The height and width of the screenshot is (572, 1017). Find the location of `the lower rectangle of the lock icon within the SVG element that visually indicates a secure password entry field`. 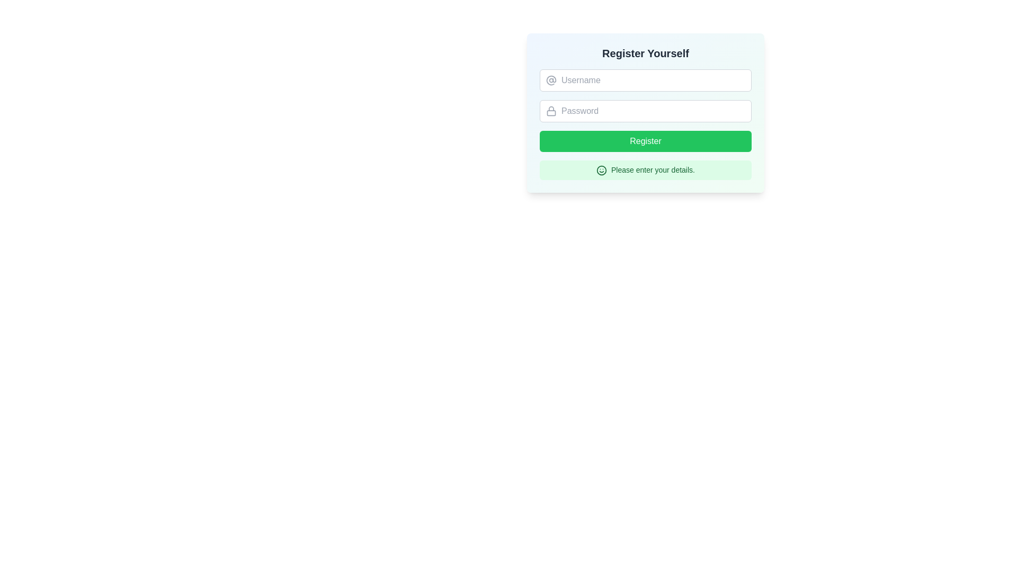

the lower rectangle of the lock icon within the SVG element that visually indicates a secure password entry field is located at coordinates (551, 113).